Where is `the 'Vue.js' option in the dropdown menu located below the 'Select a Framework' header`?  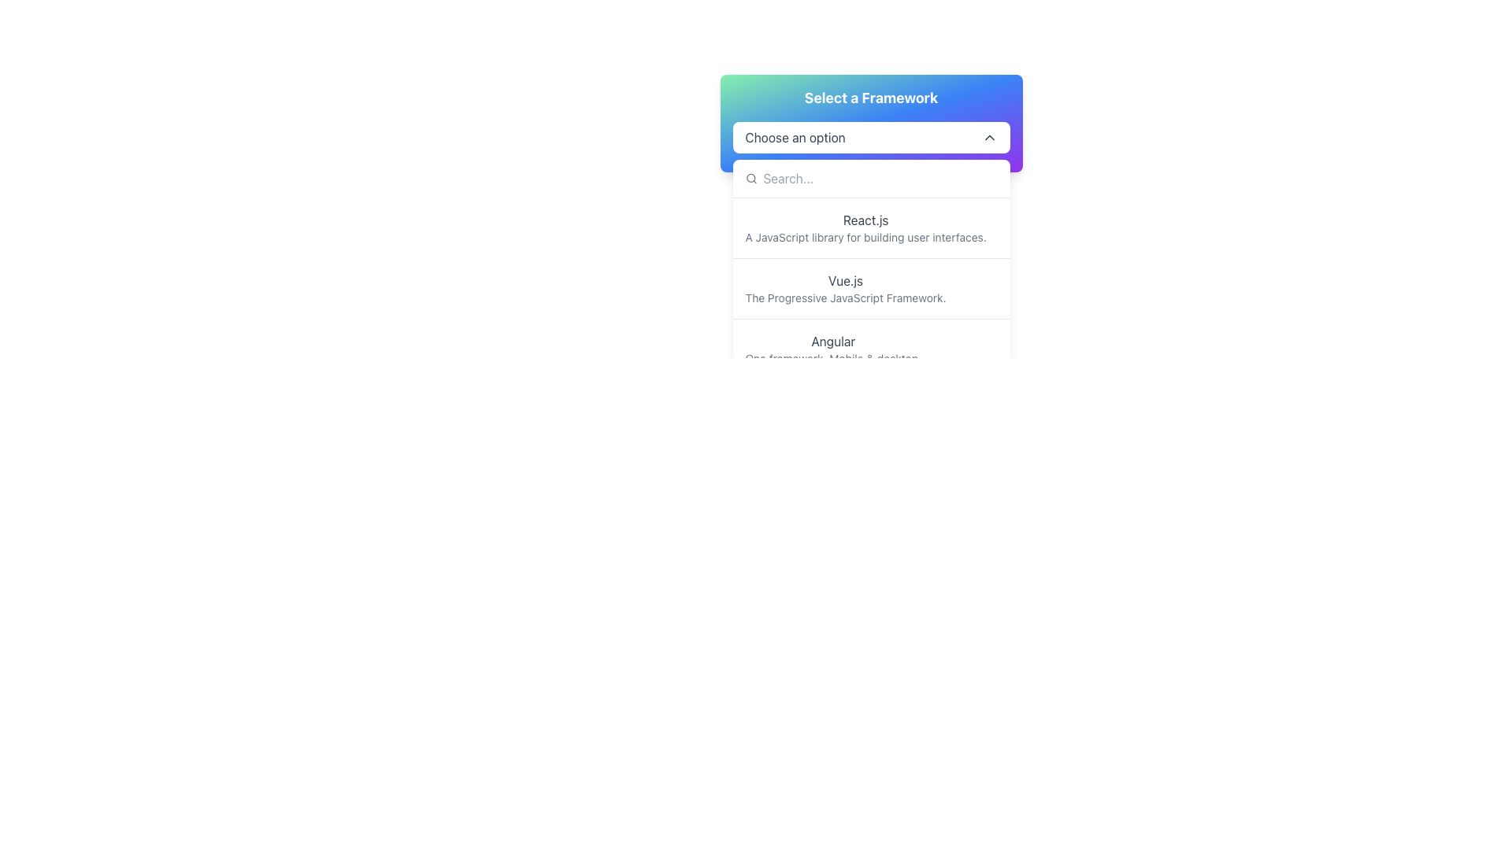 the 'Vue.js' option in the dropdown menu located below the 'Select a Framework' header is located at coordinates (870, 288).